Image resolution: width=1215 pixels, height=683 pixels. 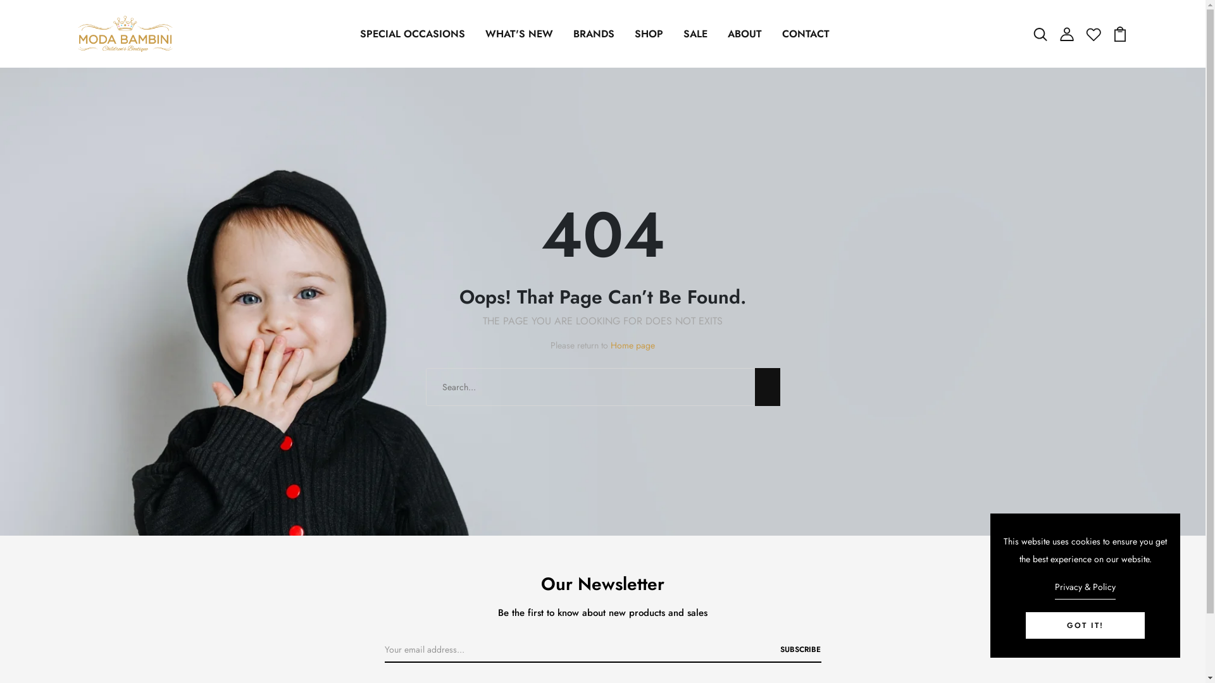 I want to click on 'SALE', so click(x=695, y=34).